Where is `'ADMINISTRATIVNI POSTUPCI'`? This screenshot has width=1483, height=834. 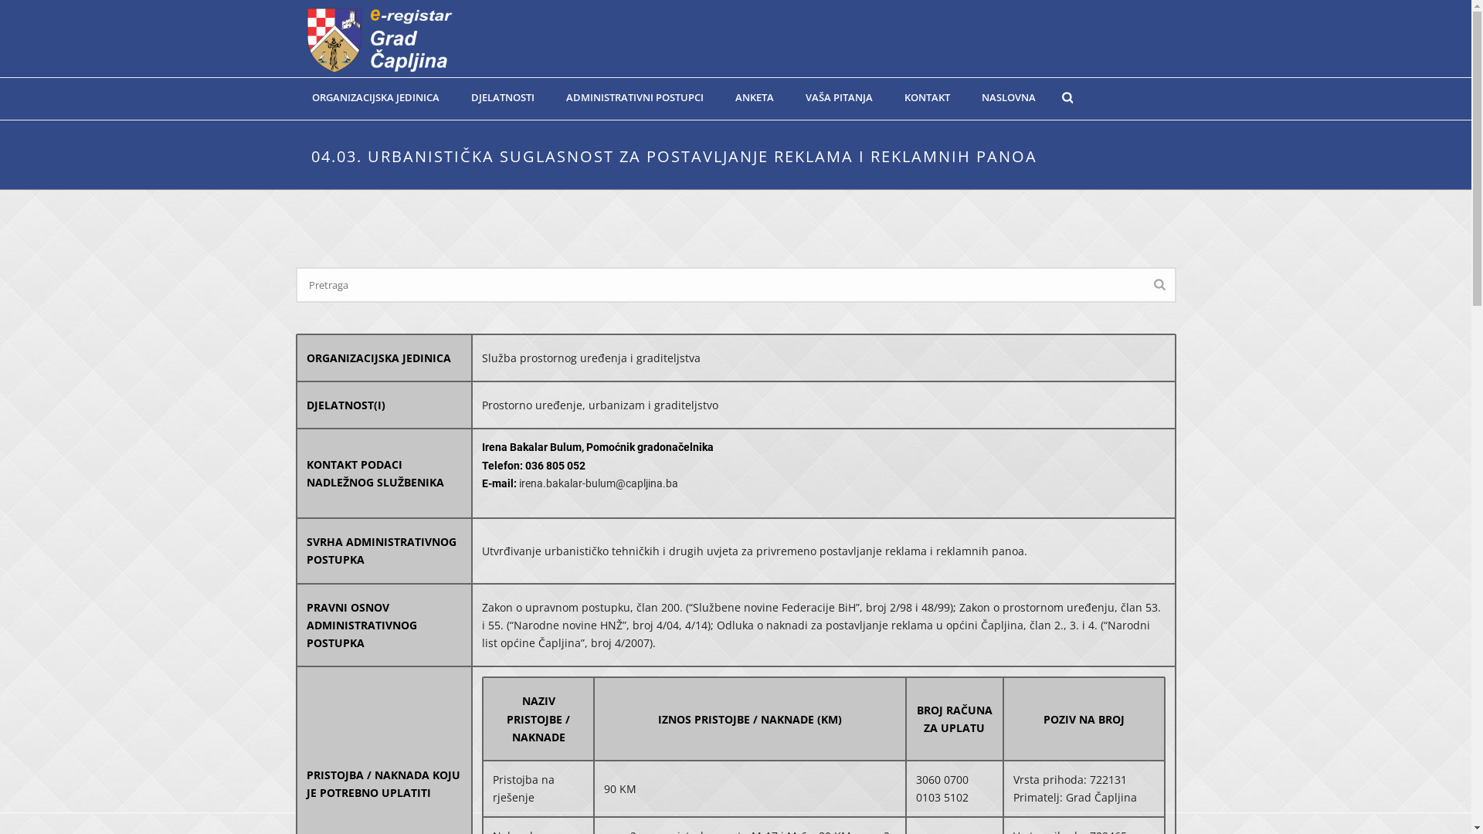
'ADMINISTRATIVNI POSTUPCI' is located at coordinates (633, 97).